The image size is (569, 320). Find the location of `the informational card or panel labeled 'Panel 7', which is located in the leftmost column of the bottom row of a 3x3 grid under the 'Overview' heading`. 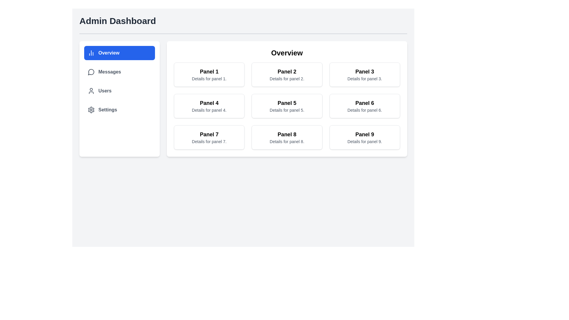

the informational card or panel labeled 'Panel 7', which is located in the leftmost column of the bottom row of a 3x3 grid under the 'Overview' heading is located at coordinates (209, 137).